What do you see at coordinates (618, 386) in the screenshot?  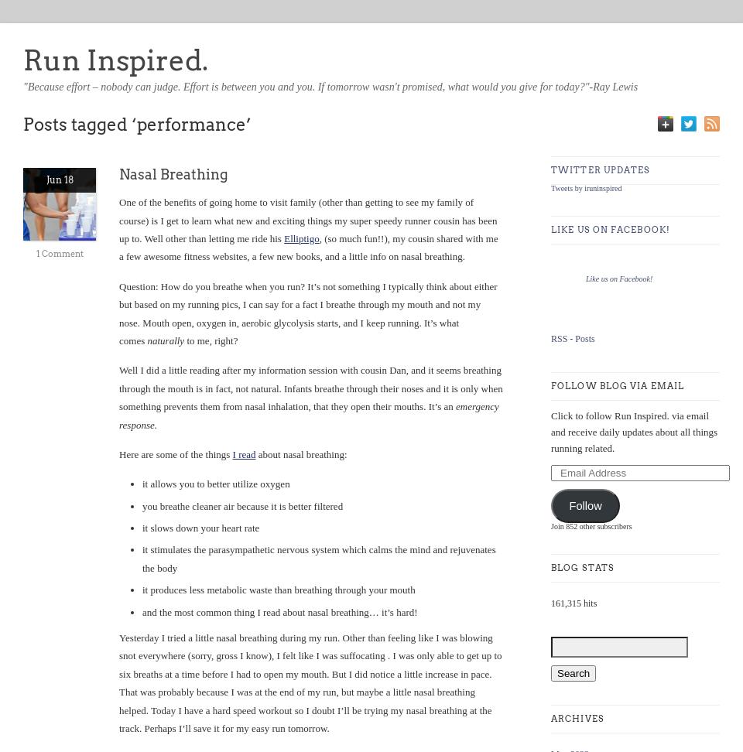 I see `'Follow Blog via Email'` at bounding box center [618, 386].